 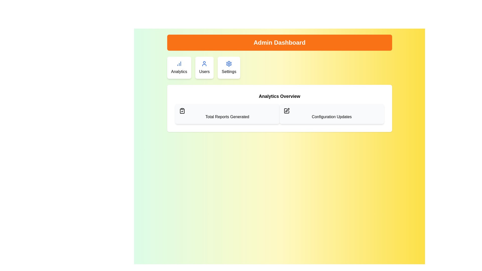 What do you see at coordinates (332, 114) in the screenshot?
I see `the 'Configuration Updates' section to interact with it` at bounding box center [332, 114].